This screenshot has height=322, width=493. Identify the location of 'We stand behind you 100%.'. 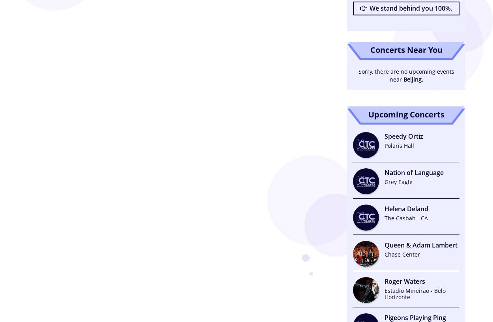
(409, 7).